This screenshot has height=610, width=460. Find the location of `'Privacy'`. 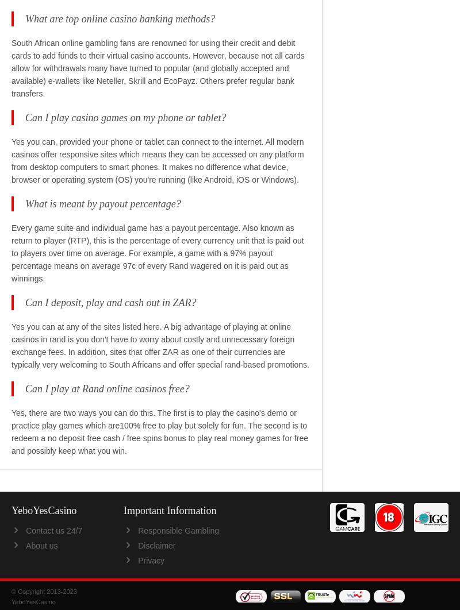

'Privacy' is located at coordinates (150, 559).